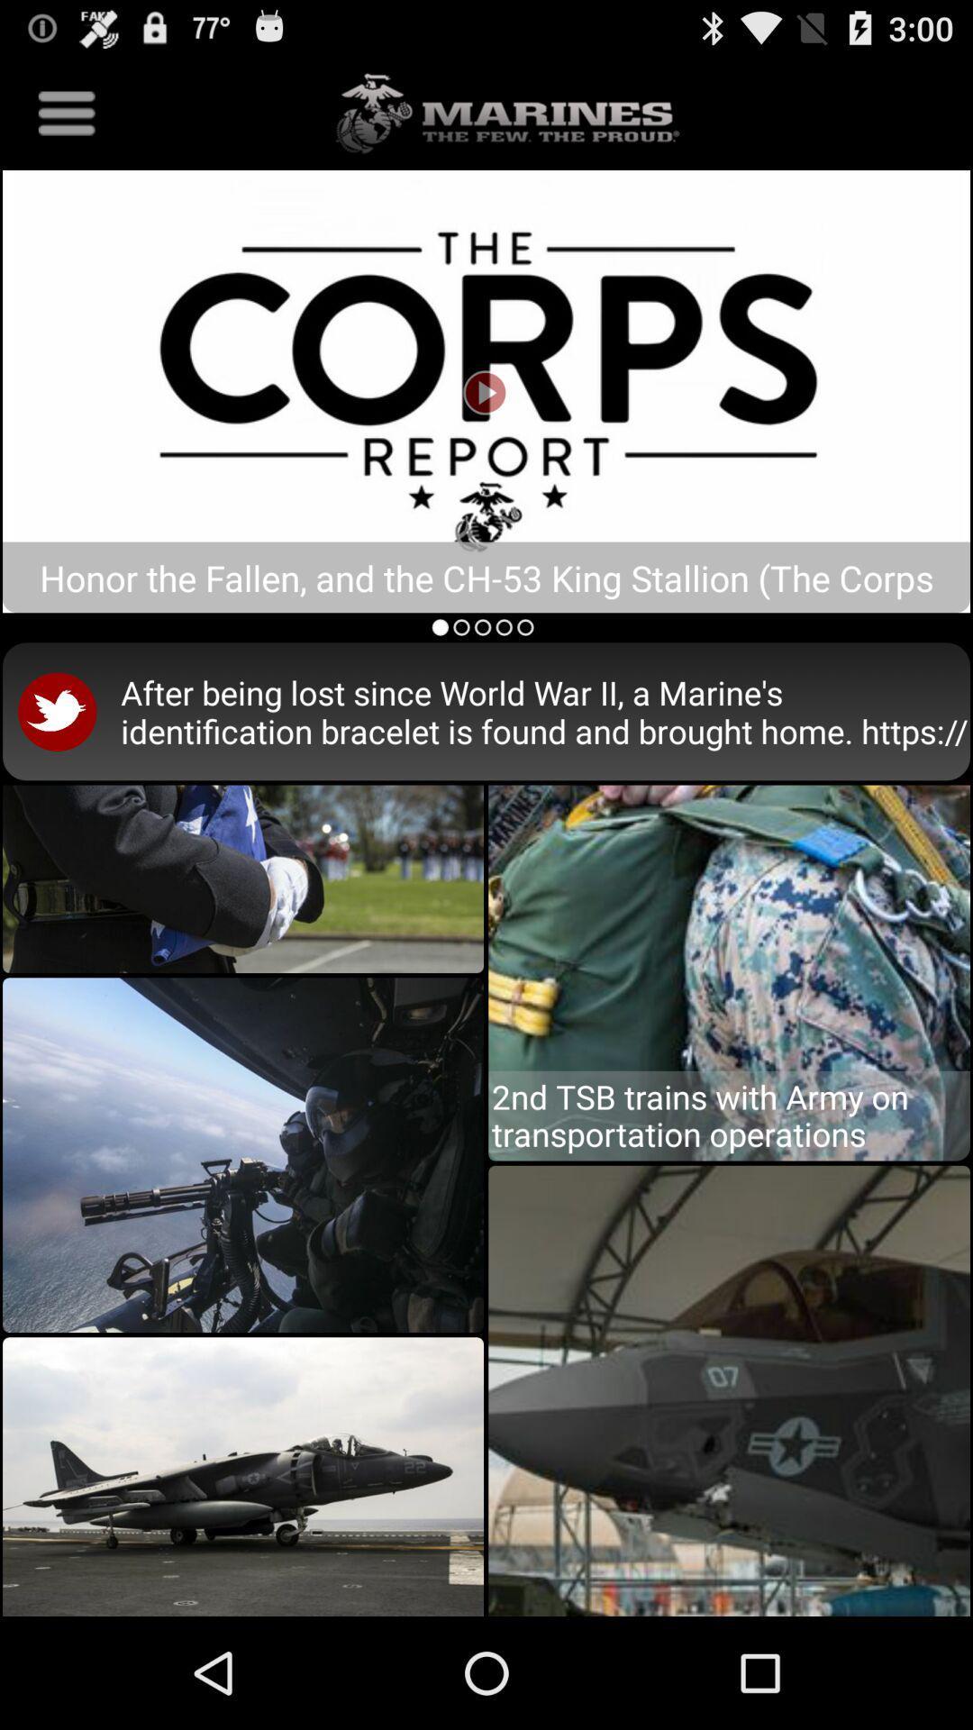 The height and width of the screenshot is (1730, 973). What do you see at coordinates (89, 1337) in the screenshot?
I see `the star icon` at bounding box center [89, 1337].